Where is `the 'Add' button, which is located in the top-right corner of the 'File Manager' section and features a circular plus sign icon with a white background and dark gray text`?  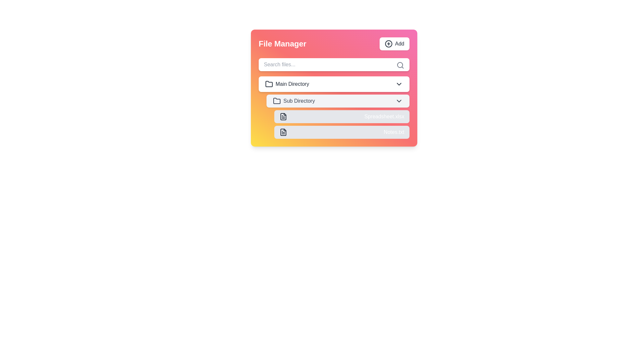 the 'Add' button, which is located in the top-right corner of the 'File Manager' section and features a circular plus sign icon with a white background and dark gray text is located at coordinates (394, 44).